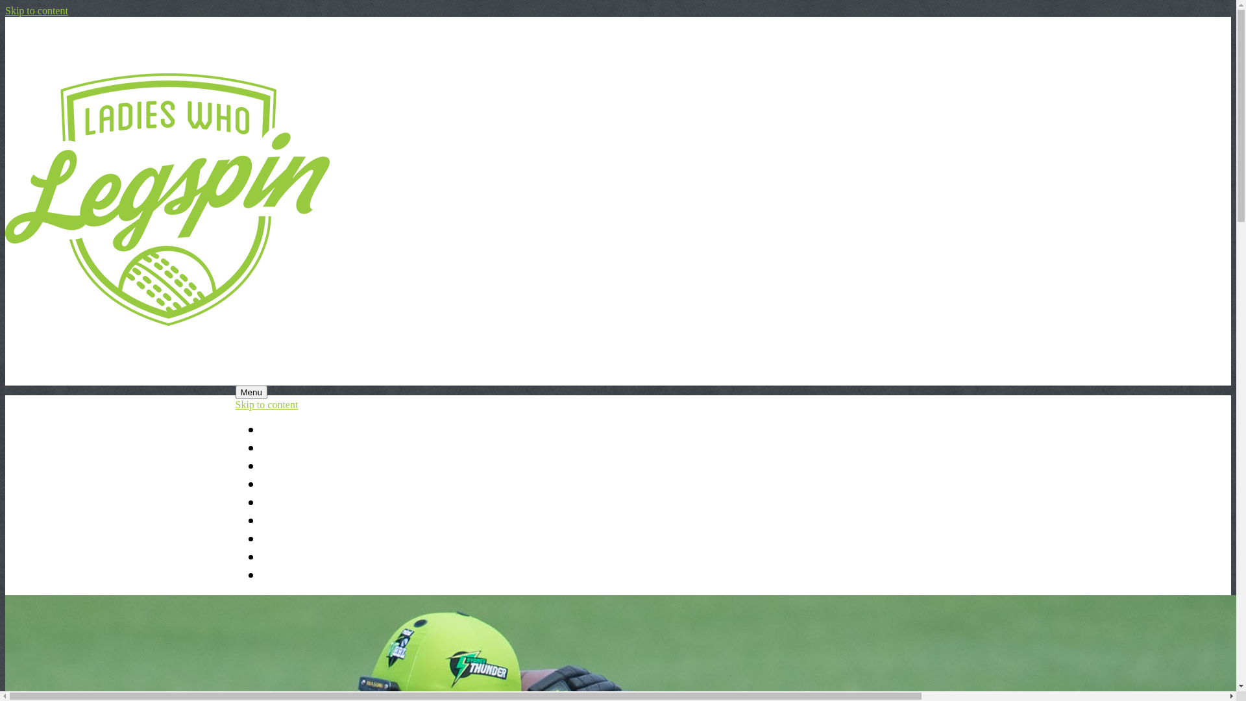 This screenshot has height=701, width=1246. What do you see at coordinates (260, 430) in the screenshot?
I see `'Home'` at bounding box center [260, 430].